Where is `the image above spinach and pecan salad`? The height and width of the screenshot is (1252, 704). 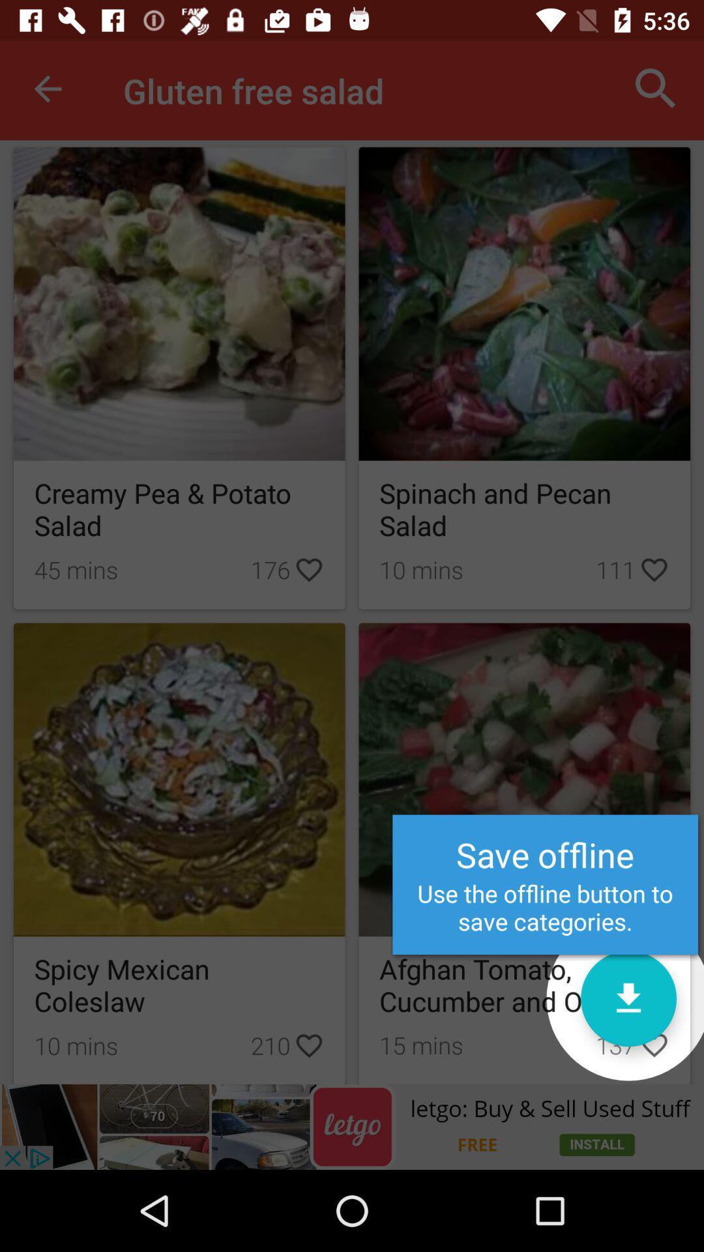
the image above spinach and pecan salad is located at coordinates (524, 303).